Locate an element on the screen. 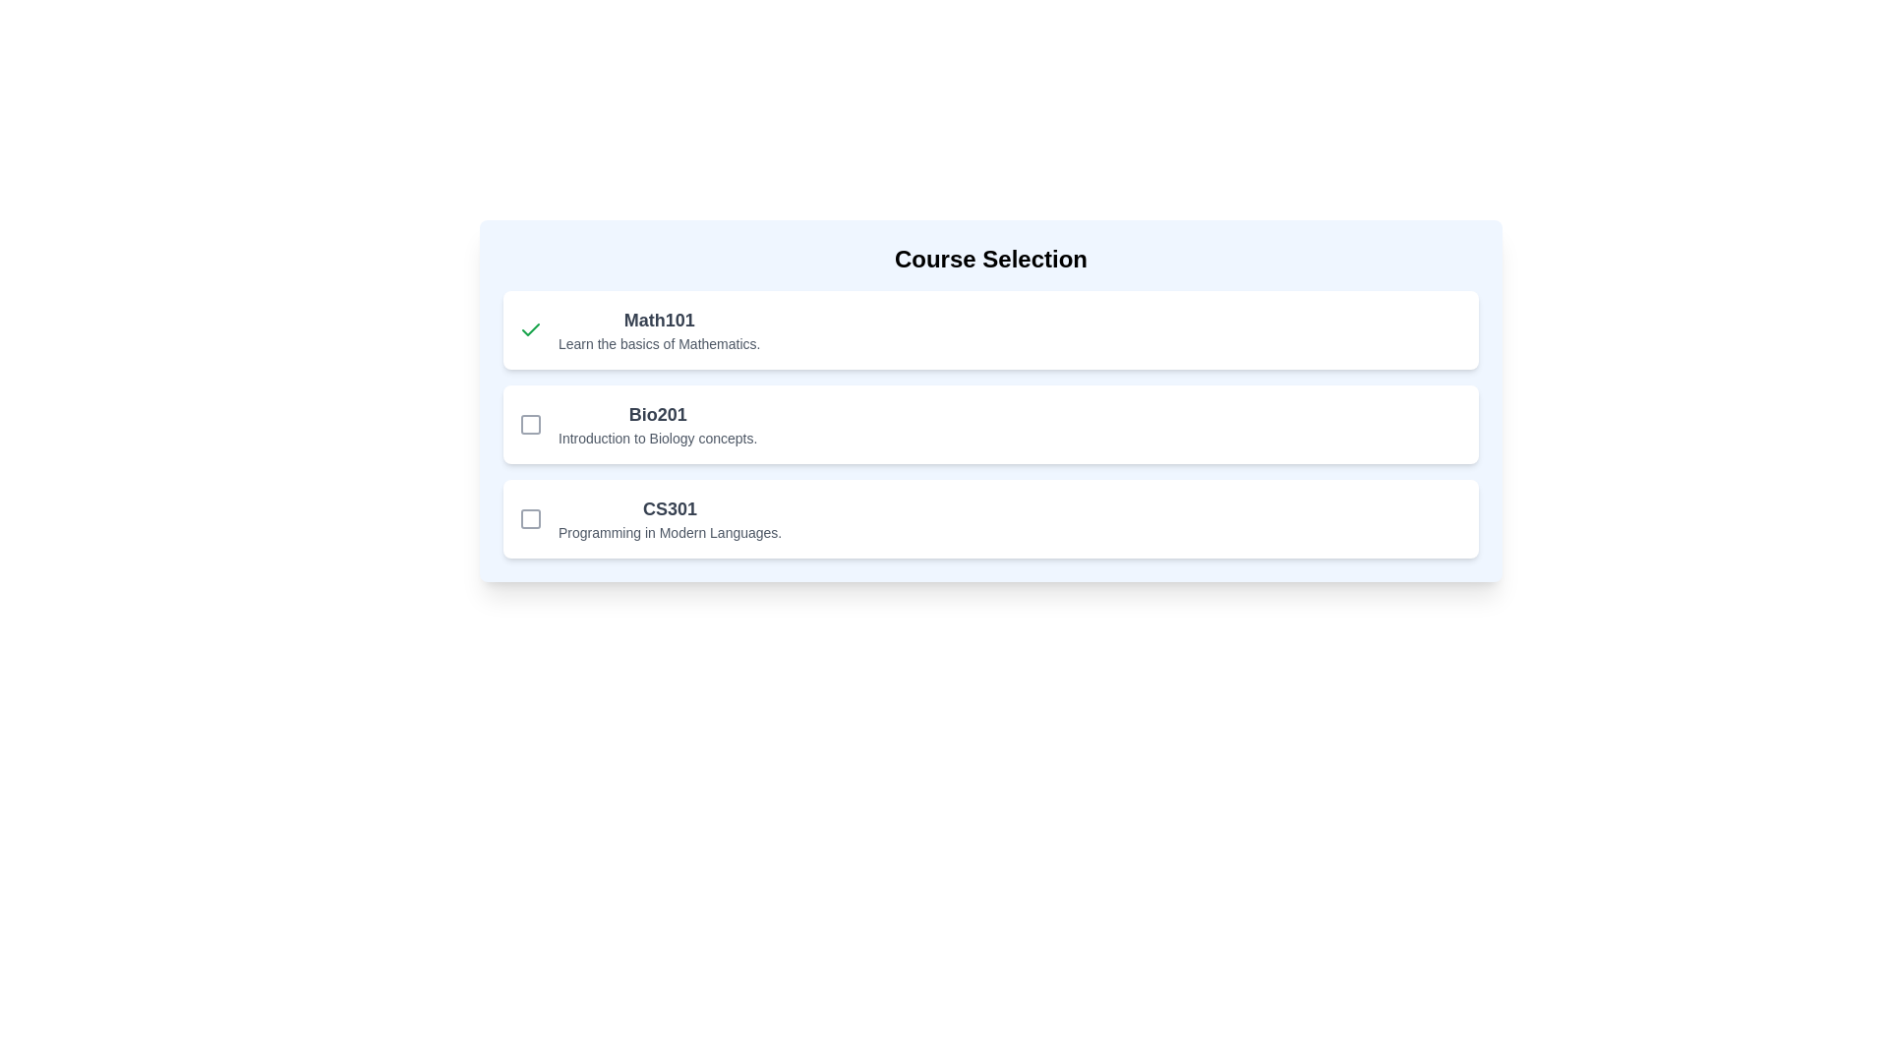  the small square checkbox located at the lower-right corner of the interface is located at coordinates (530, 518).